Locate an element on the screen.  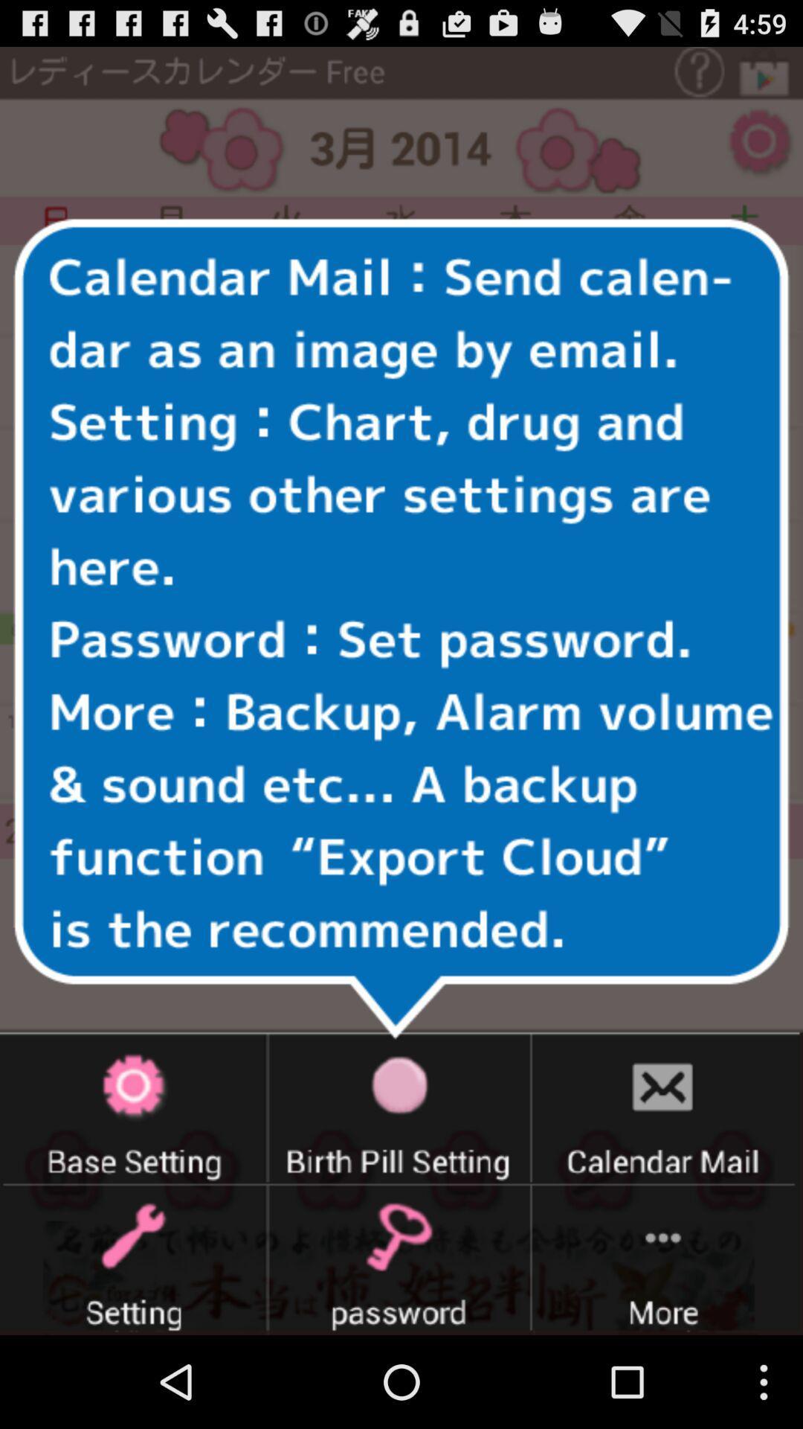
the shop icon is located at coordinates (769, 74).